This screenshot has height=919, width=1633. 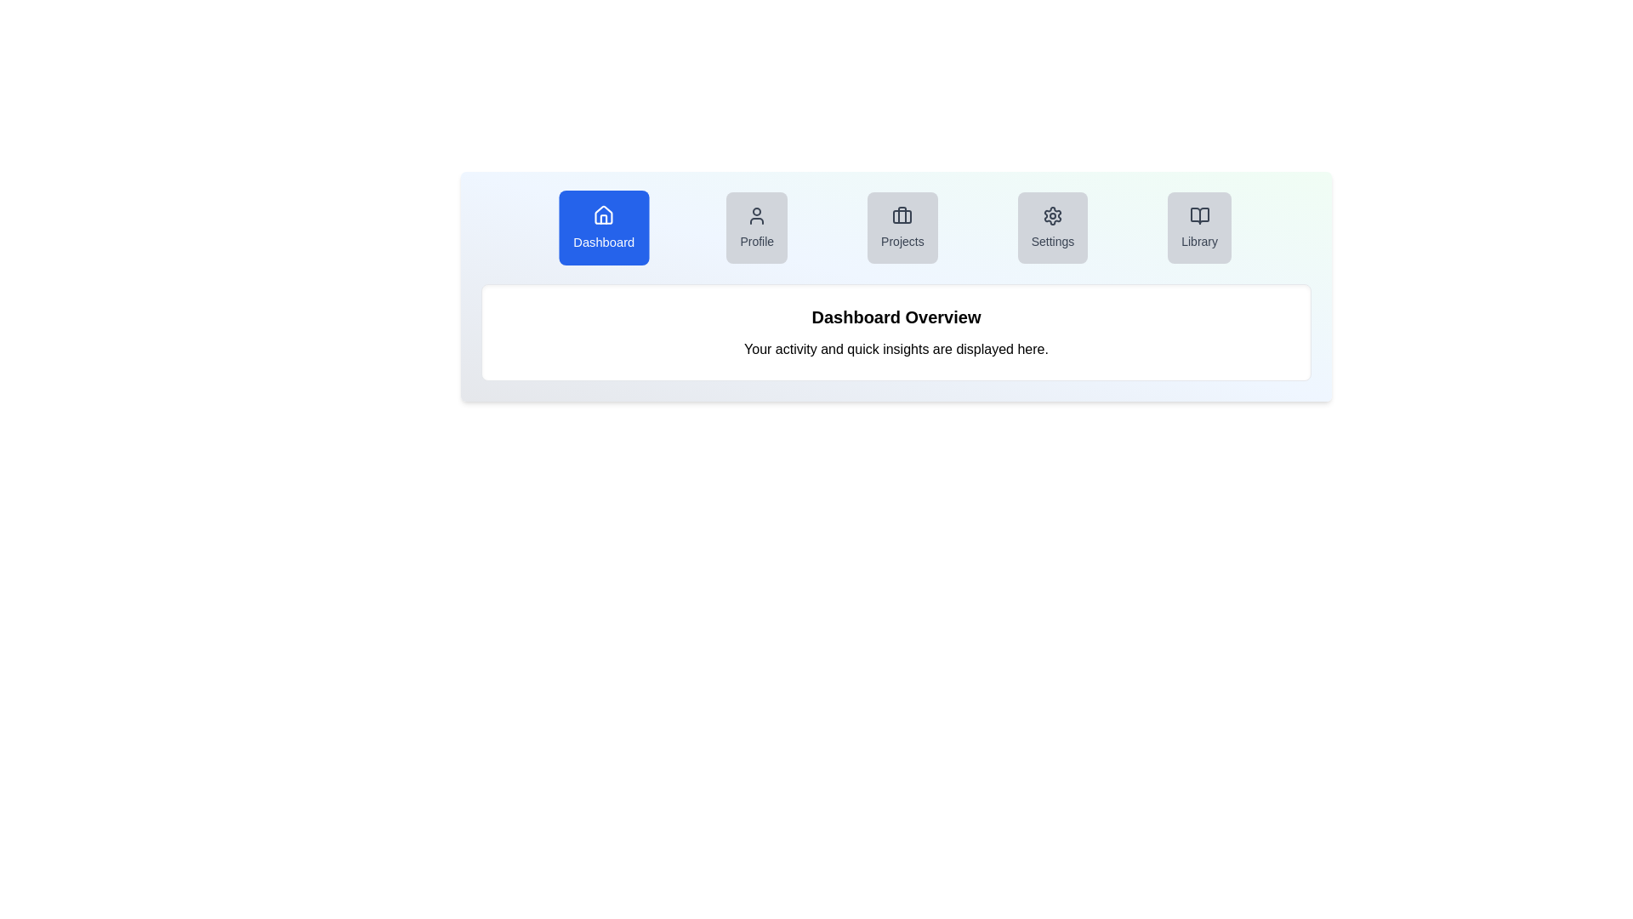 What do you see at coordinates (604, 214) in the screenshot?
I see `the SVG icon representing the Dashboard navigation button` at bounding box center [604, 214].